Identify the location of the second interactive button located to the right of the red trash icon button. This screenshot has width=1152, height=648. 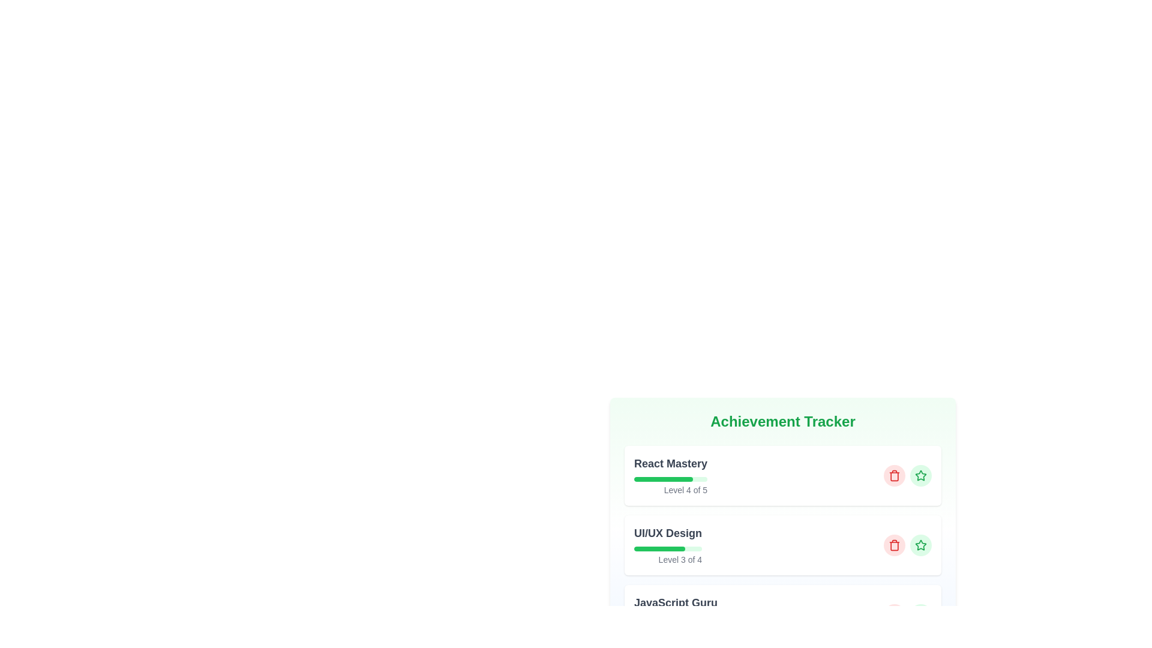
(920, 545).